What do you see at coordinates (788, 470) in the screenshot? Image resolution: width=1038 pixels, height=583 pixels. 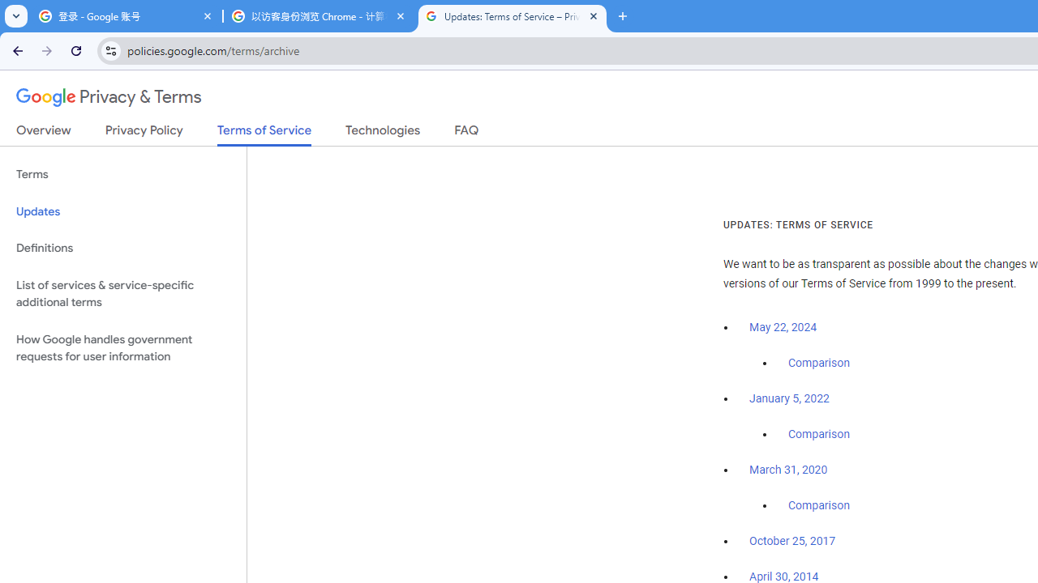 I see `'March 31, 2020'` at bounding box center [788, 470].